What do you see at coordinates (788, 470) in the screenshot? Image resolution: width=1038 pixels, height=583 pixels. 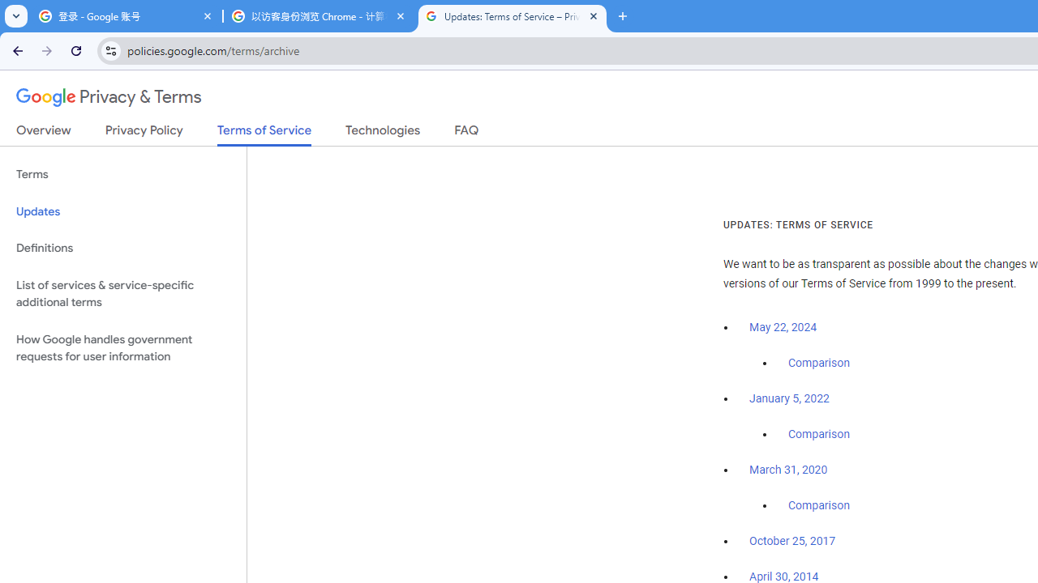 I see `'March 31, 2020'` at bounding box center [788, 470].